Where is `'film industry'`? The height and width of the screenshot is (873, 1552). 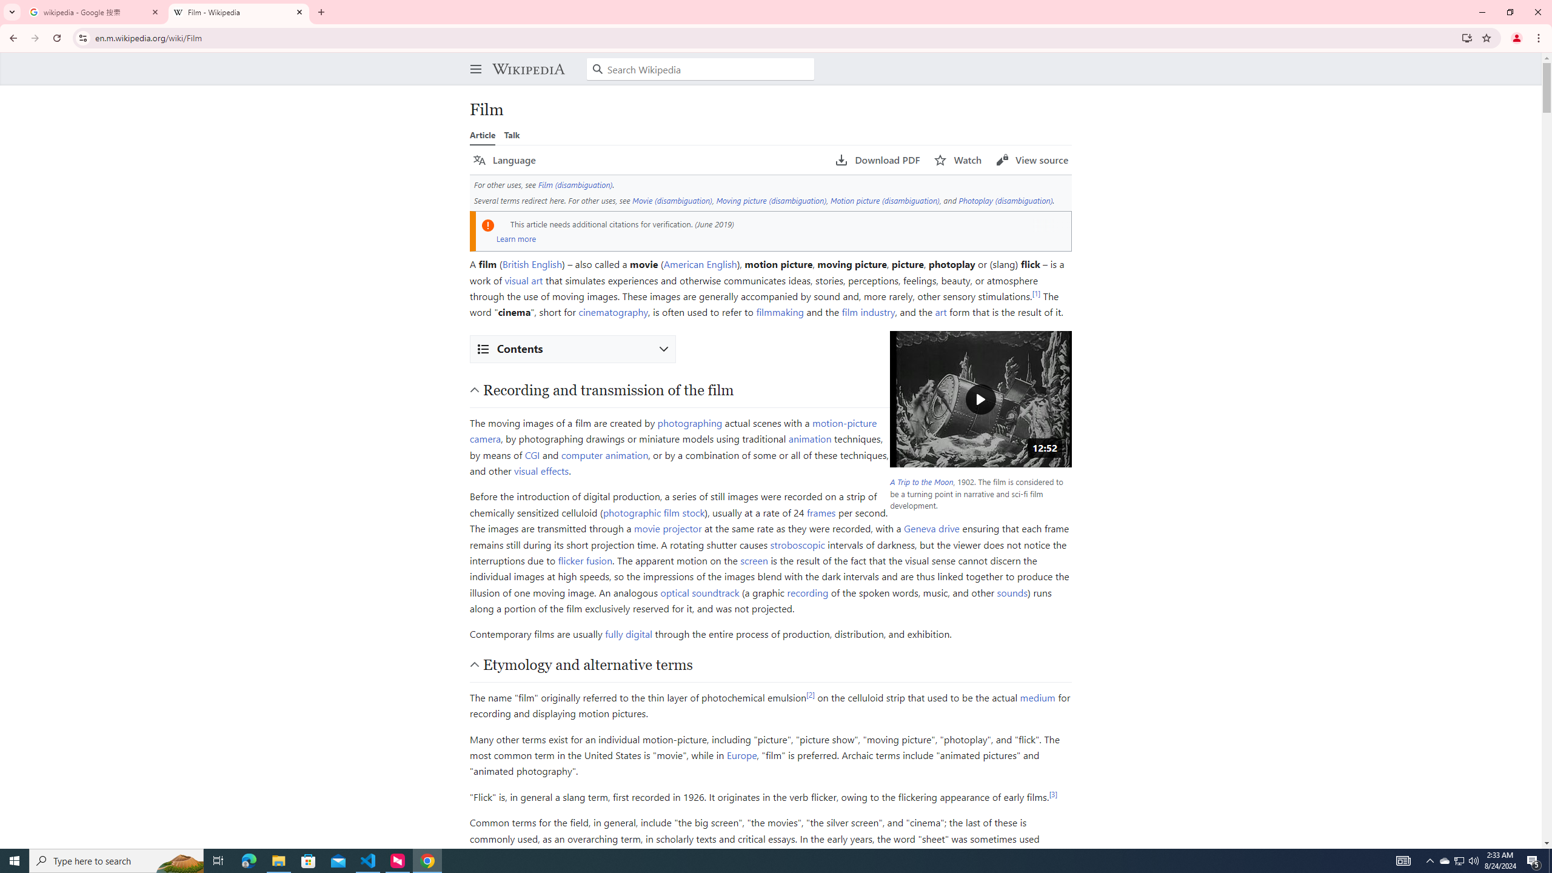
'film industry' is located at coordinates (868, 311).